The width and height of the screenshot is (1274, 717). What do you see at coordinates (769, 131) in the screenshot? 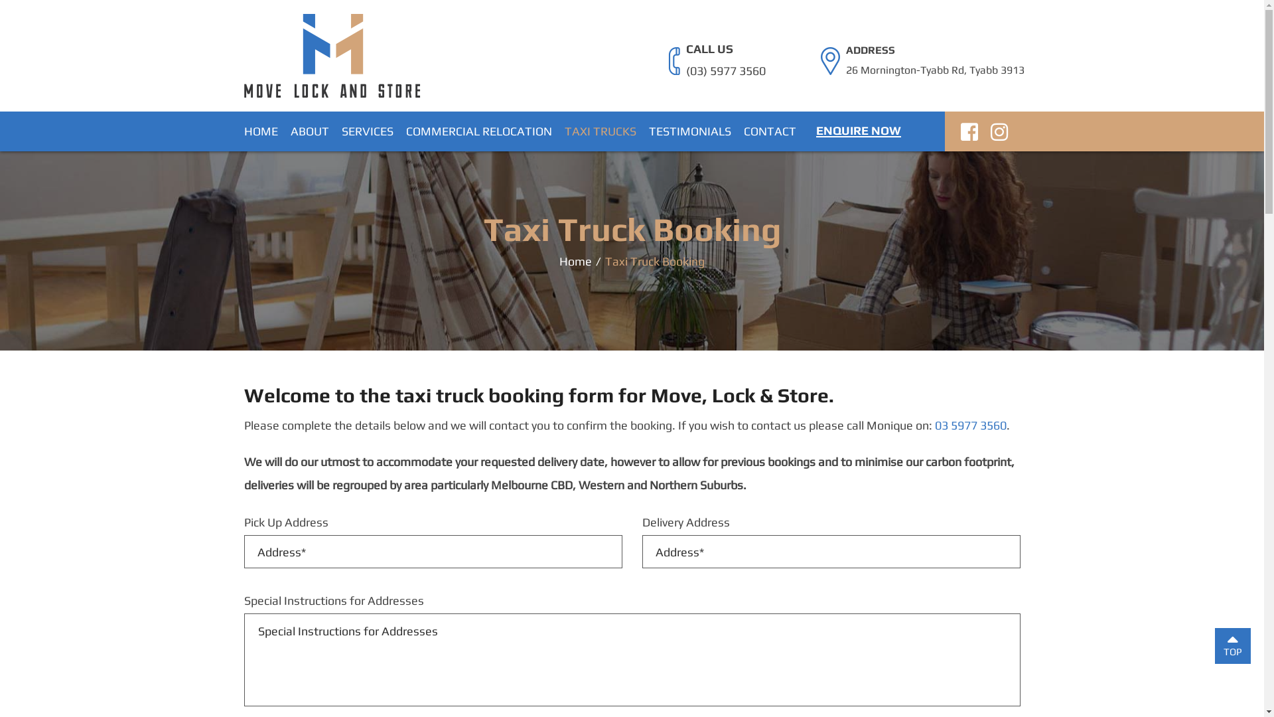
I see `'CONTACT'` at bounding box center [769, 131].